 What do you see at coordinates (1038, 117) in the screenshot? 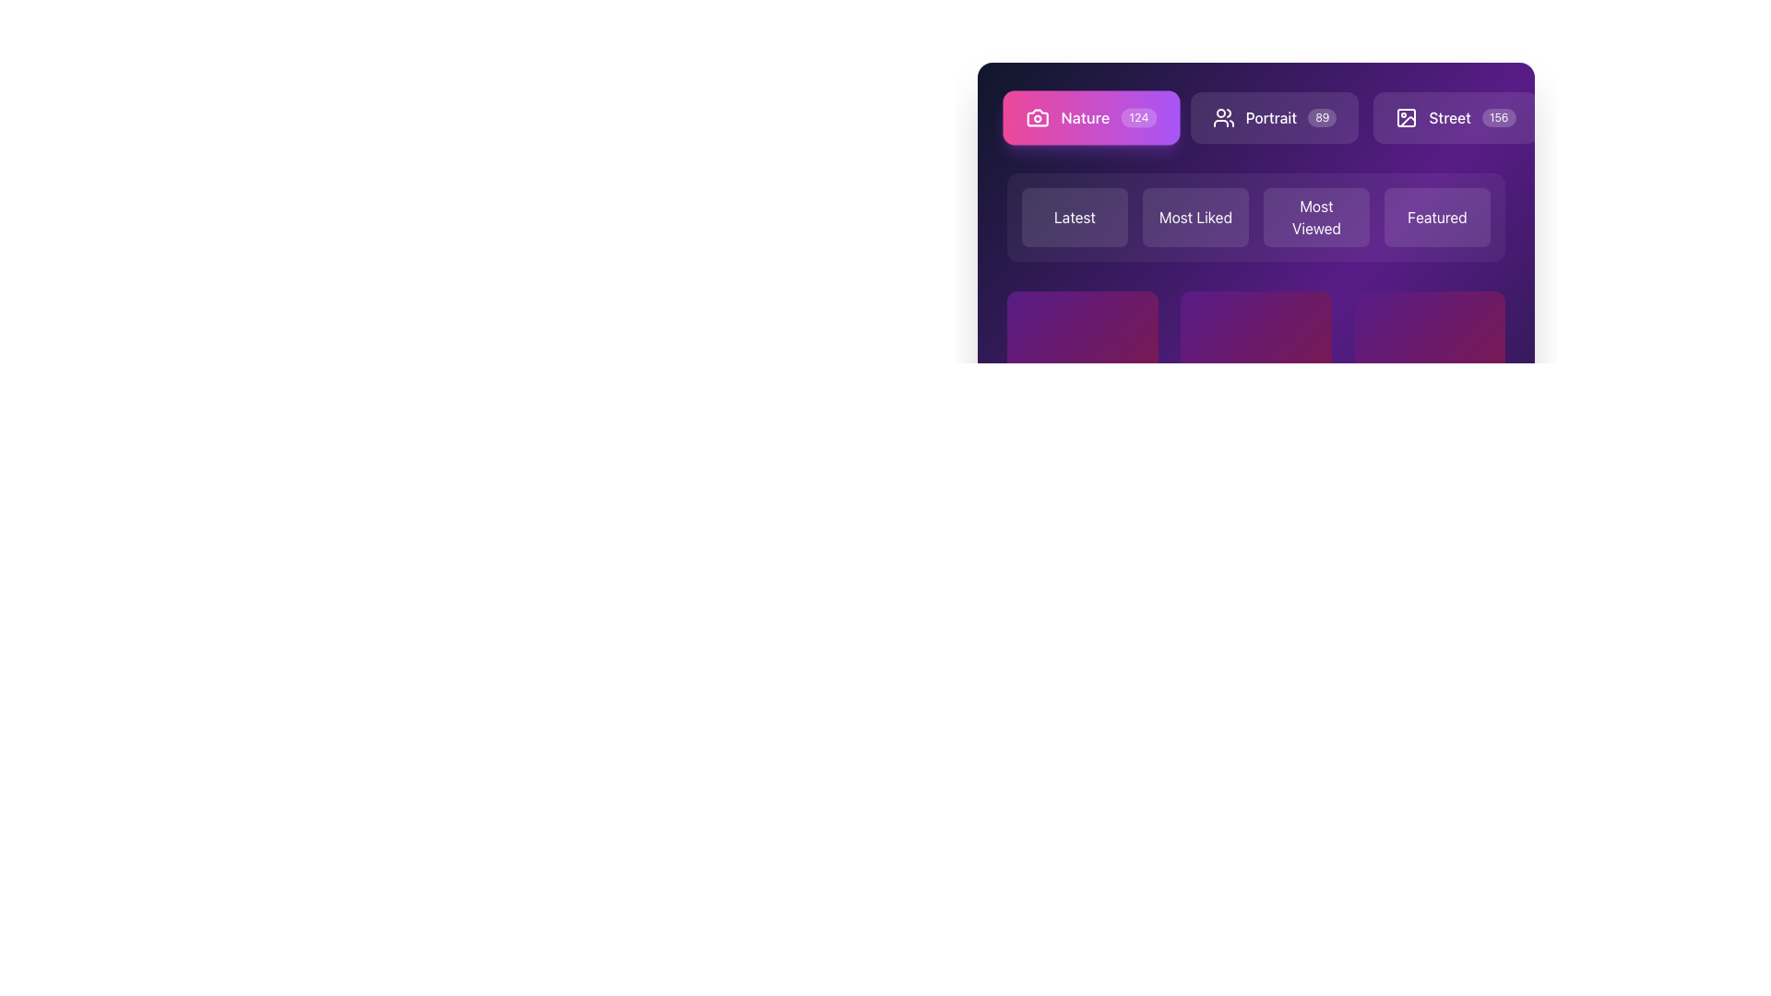
I see `the photography icon located to the left of the 'Nature' text and the badge '124', which features a pink and purple gradient background` at bounding box center [1038, 117].